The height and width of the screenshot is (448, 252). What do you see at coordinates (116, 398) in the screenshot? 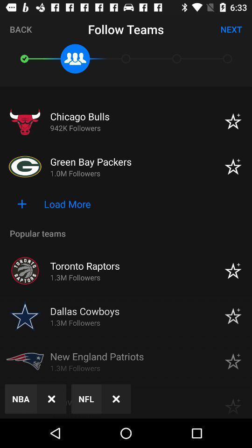
I see `the close icon` at bounding box center [116, 398].